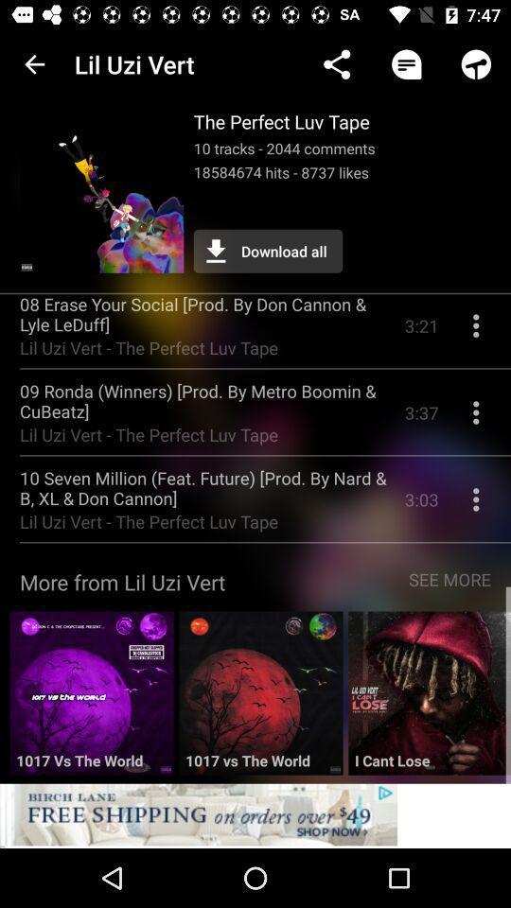 The height and width of the screenshot is (908, 511). Describe the element at coordinates (430, 699) in the screenshot. I see `hit i ca n't lose` at that location.